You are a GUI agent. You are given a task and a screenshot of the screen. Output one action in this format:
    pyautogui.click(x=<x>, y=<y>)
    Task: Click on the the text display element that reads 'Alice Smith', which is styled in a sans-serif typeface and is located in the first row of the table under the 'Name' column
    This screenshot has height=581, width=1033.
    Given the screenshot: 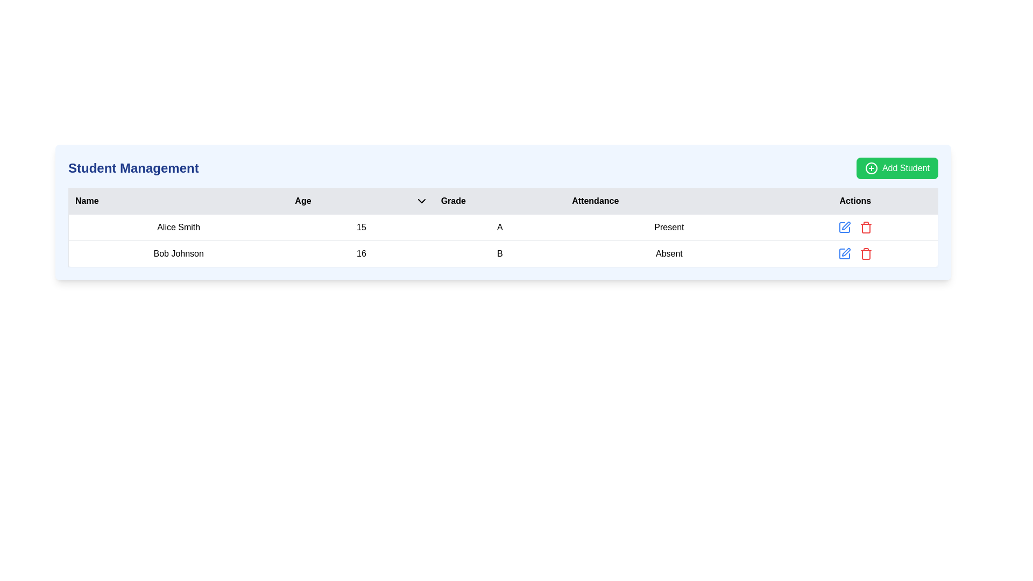 What is the action you would take?
    pyautogui.click(x=178, y=227)
    